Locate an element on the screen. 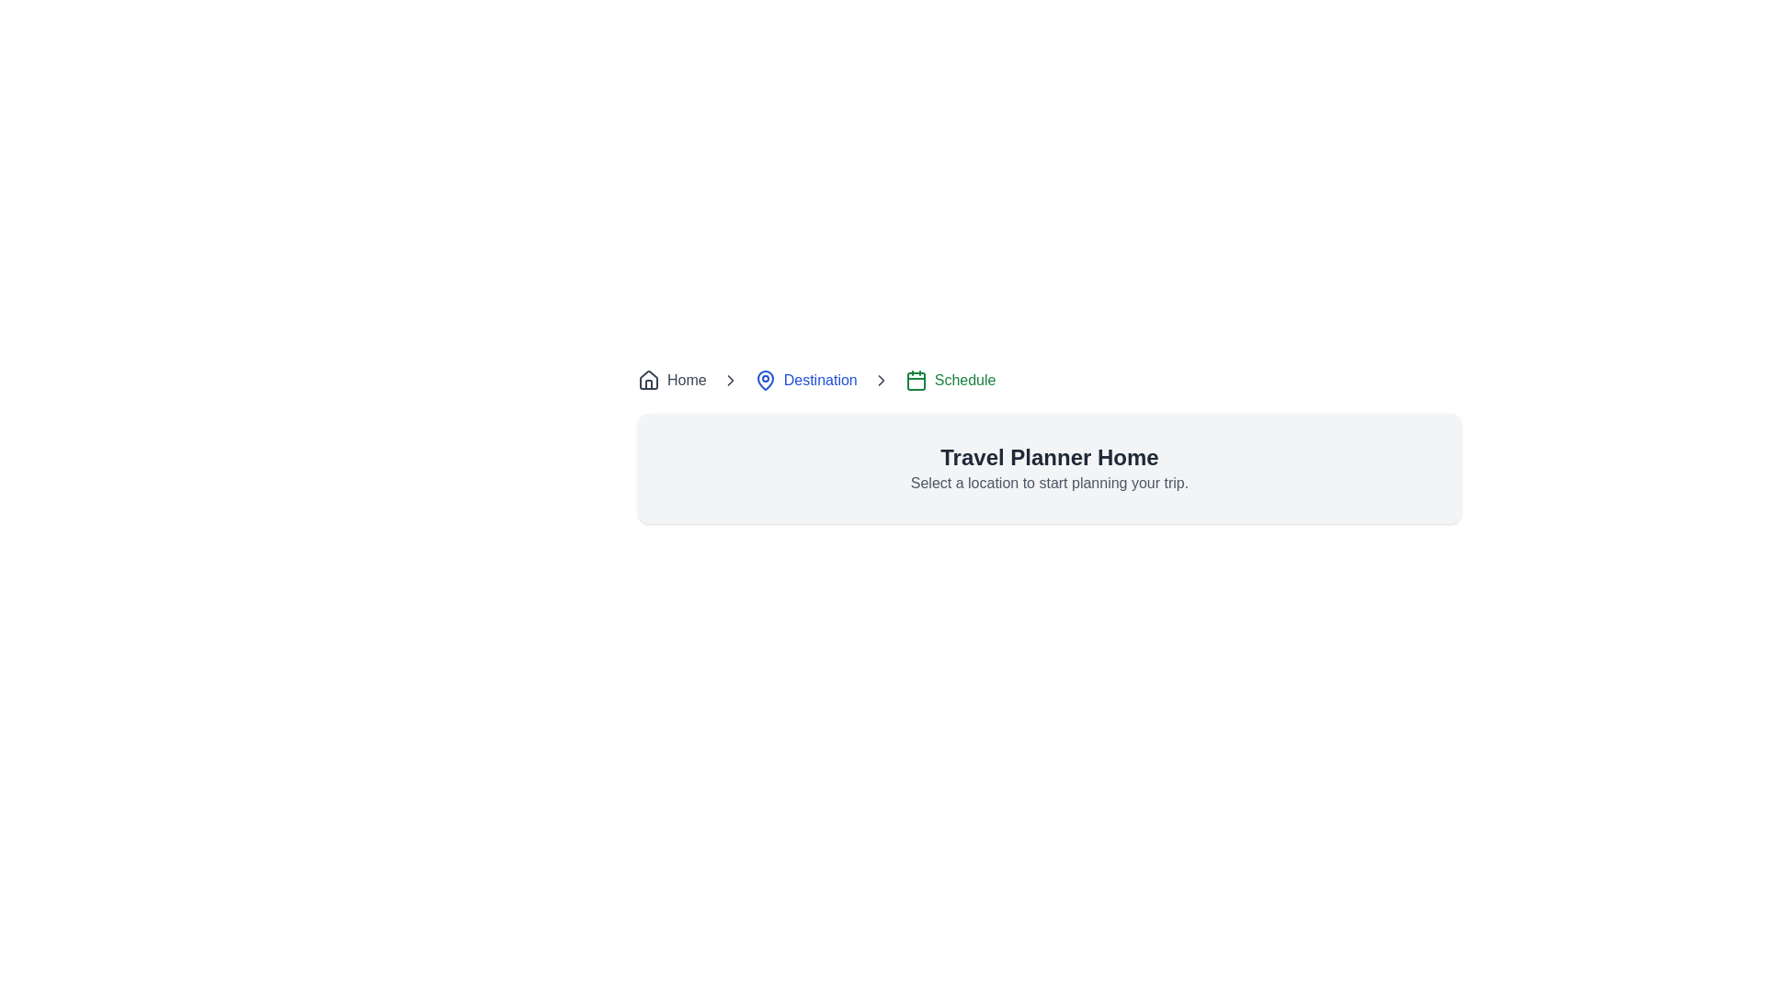  the indication of the pin-shaped vector icon, which signifies a location, located between the 'Home' and 'Schedule' navigation links is located at coordinates (765, 379).